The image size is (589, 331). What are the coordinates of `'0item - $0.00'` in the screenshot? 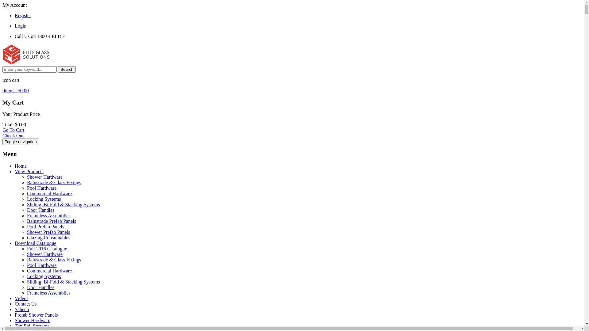 It's located at (16, 90).